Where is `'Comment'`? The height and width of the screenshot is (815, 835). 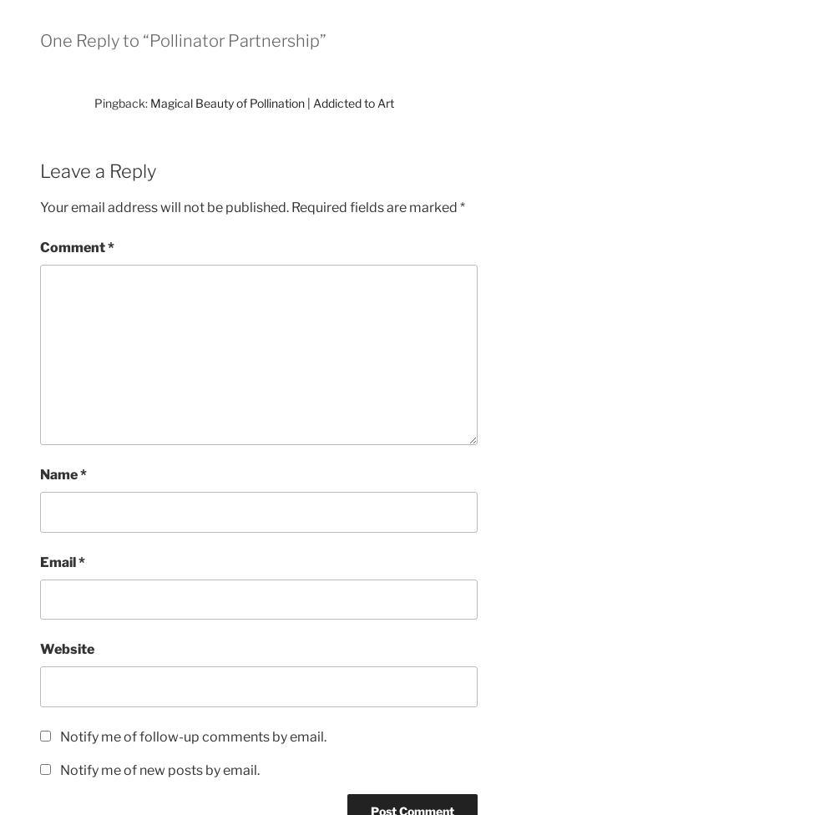 'Comment' is located at coordinates (73, 247).